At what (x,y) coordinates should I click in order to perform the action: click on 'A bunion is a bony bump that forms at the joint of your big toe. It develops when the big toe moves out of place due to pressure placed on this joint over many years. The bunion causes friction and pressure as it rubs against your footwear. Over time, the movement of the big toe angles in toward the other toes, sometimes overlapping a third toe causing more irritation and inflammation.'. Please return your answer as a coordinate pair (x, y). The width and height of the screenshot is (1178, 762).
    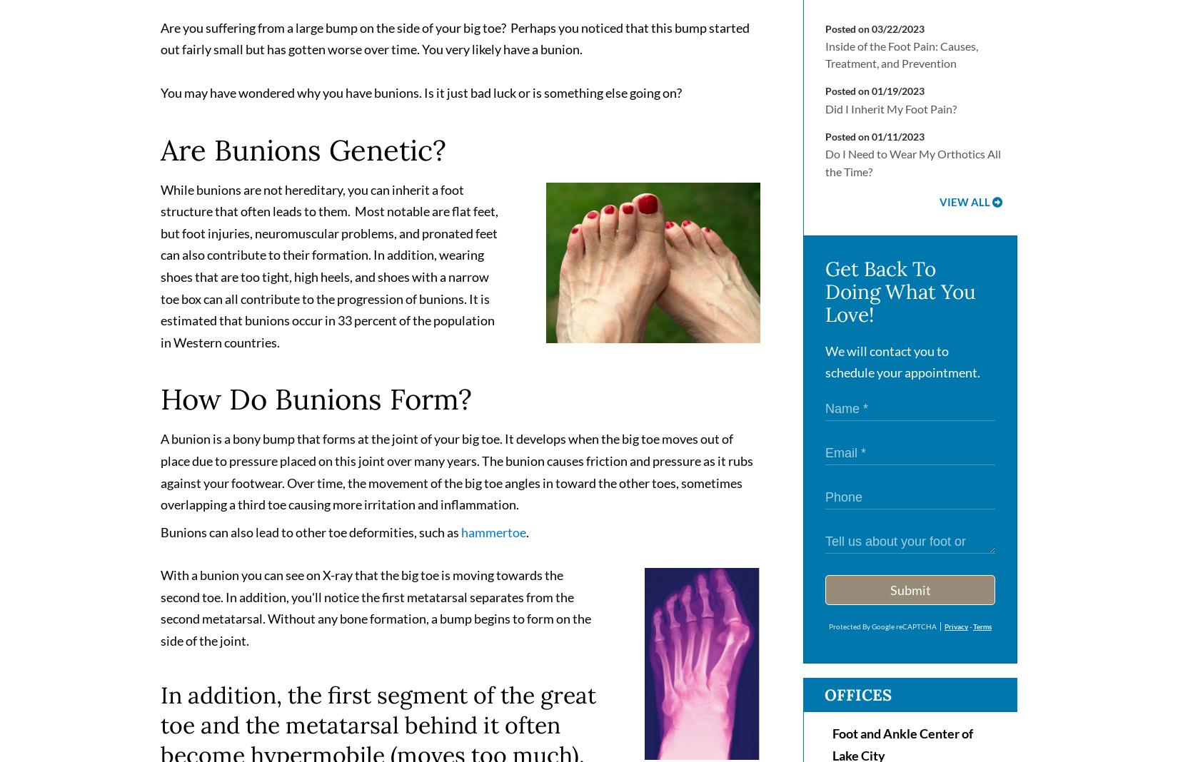
    Looking at the image, I should click on (456, 477).